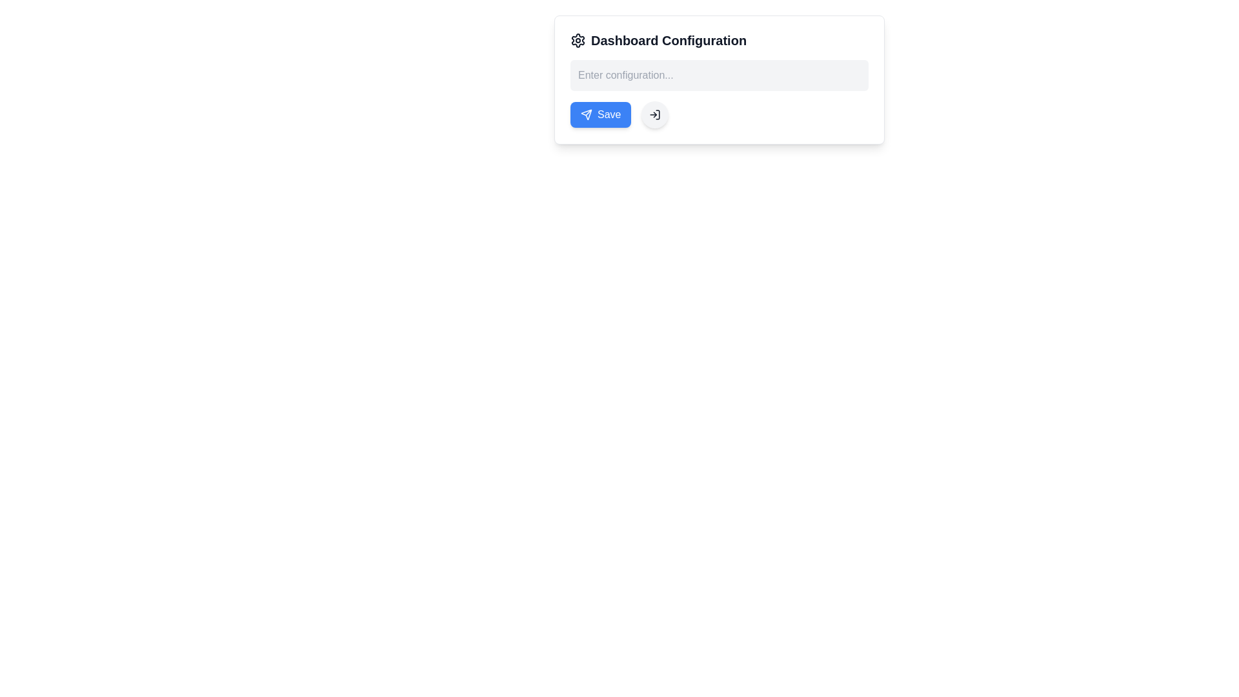 Image resolution: width=1239 pixels, height=697 pixels. Describe the element at coordinates (655, 114) in the screenshot. I see `the right-pointing arrow icon encircled by a rectangular frame, located under the 'Dashboard Configuration' header` at that location.